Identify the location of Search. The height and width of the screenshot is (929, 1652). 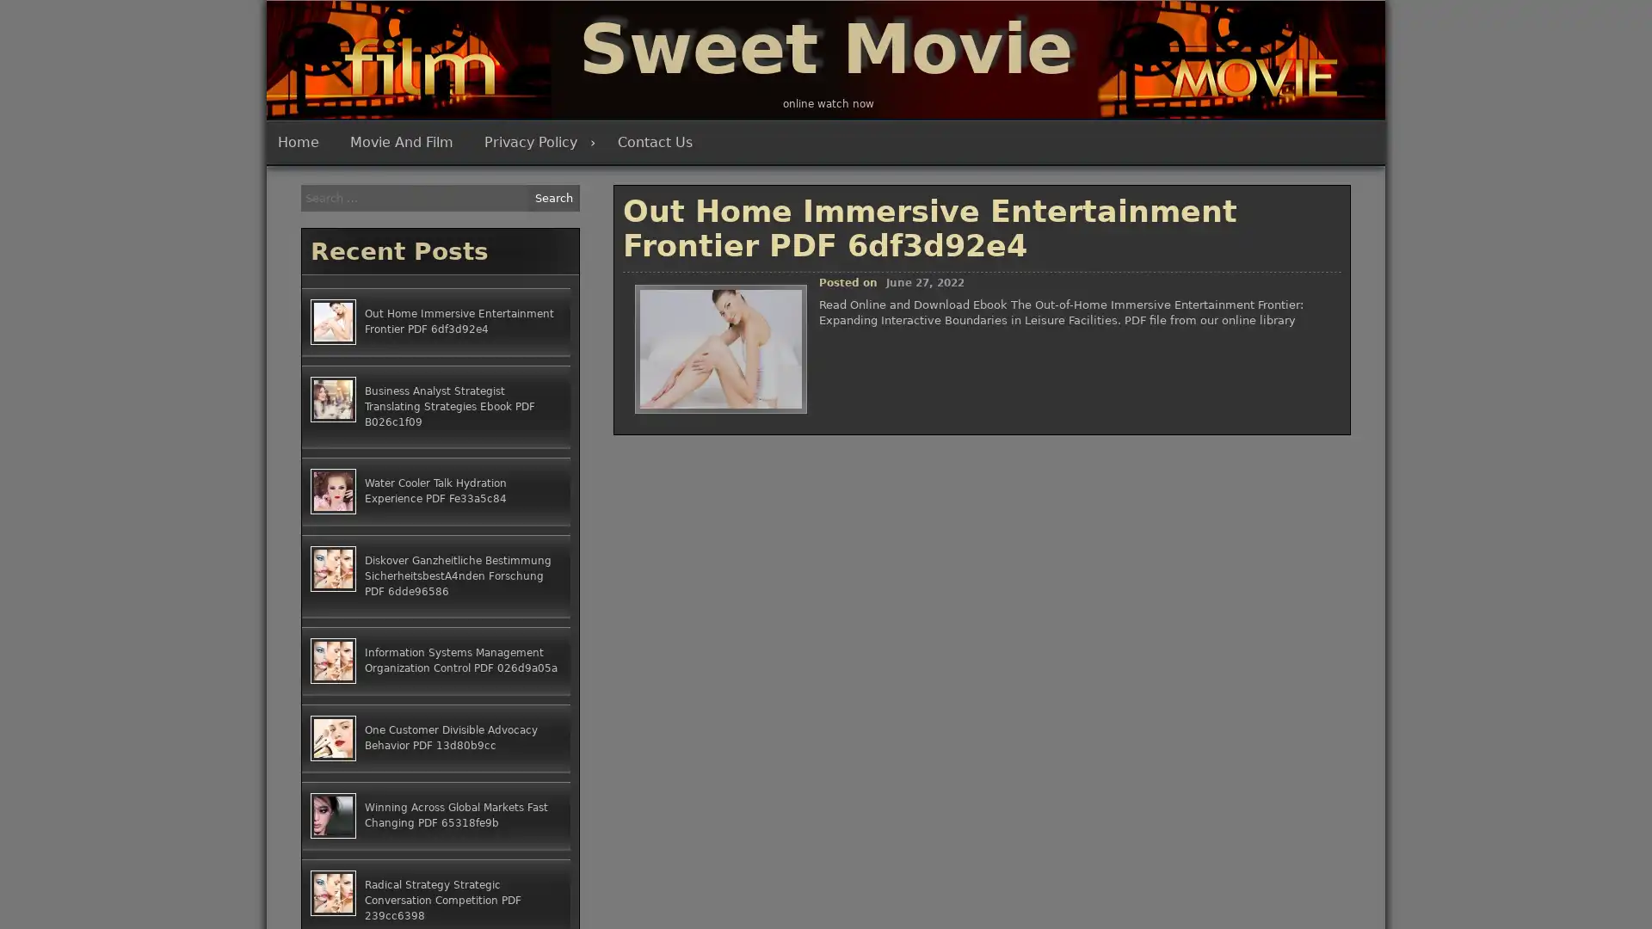
(553, 197).